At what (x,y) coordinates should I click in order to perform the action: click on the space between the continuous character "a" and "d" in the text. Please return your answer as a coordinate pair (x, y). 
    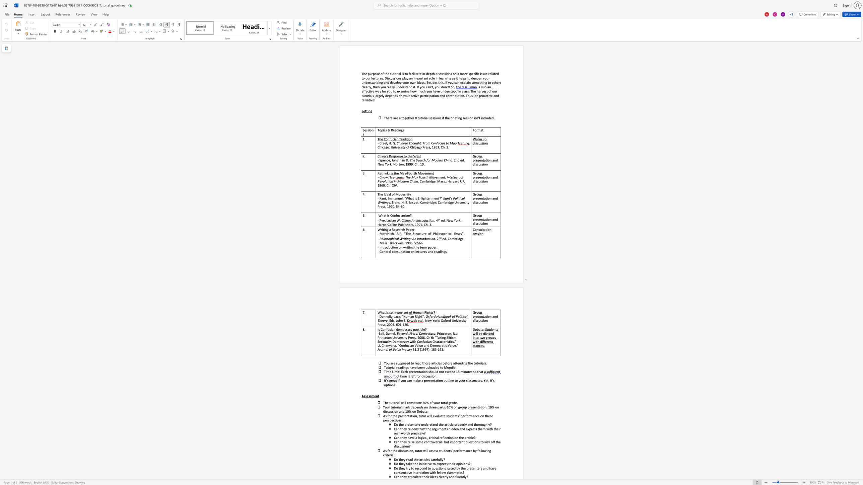
    Looking at the image, I should click on (396, 130).